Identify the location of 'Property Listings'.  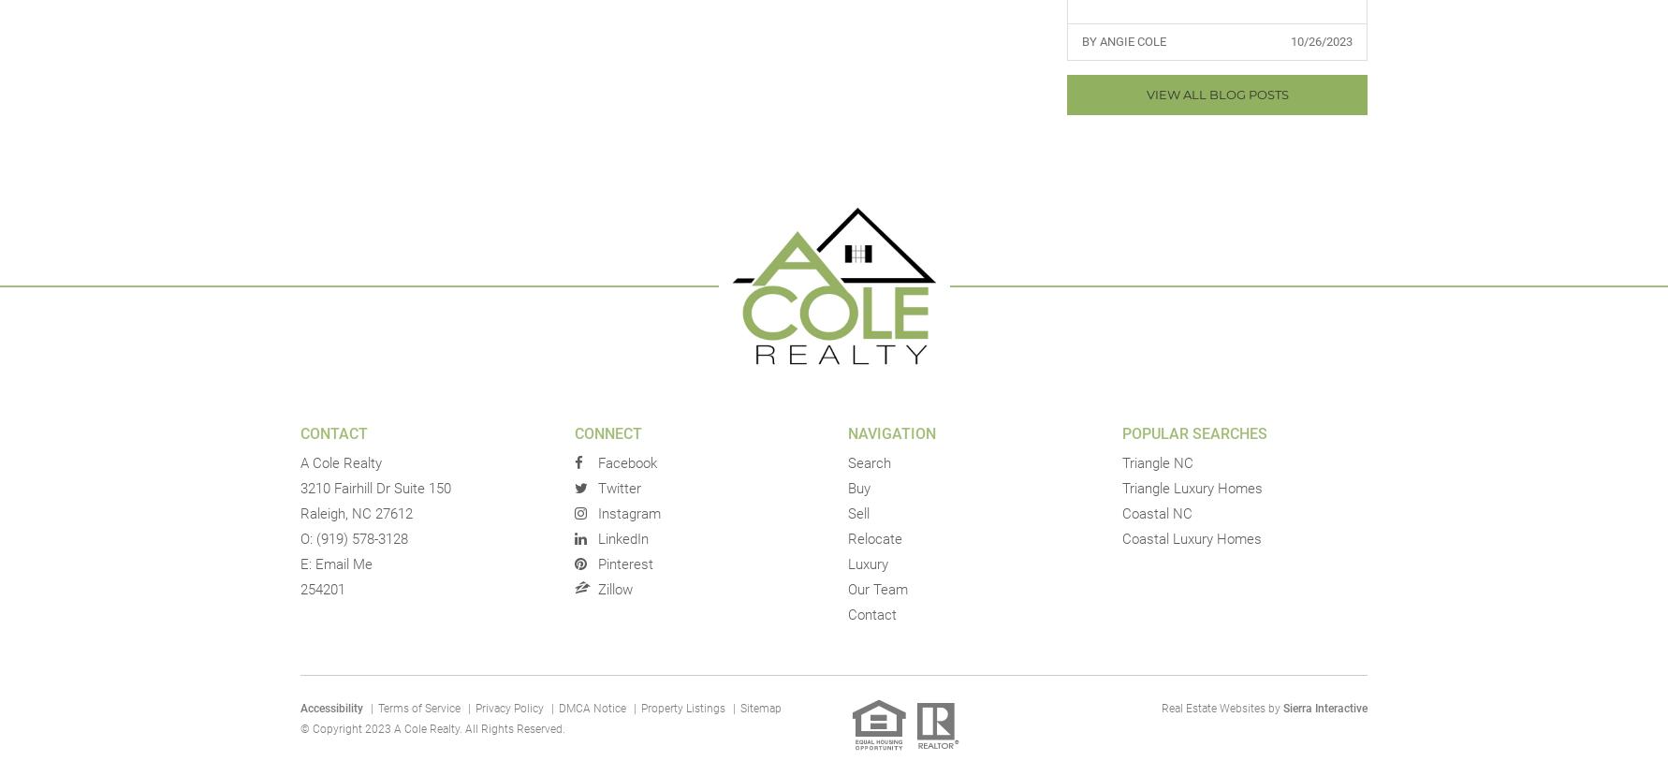
(683, 708).